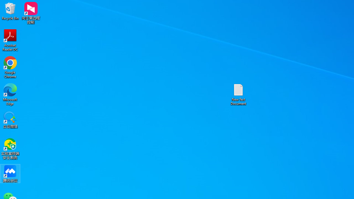 Image resolution: width=354 pixels, height=199 pixels. I want to click on 'Google Chrome', so click(10, 67).